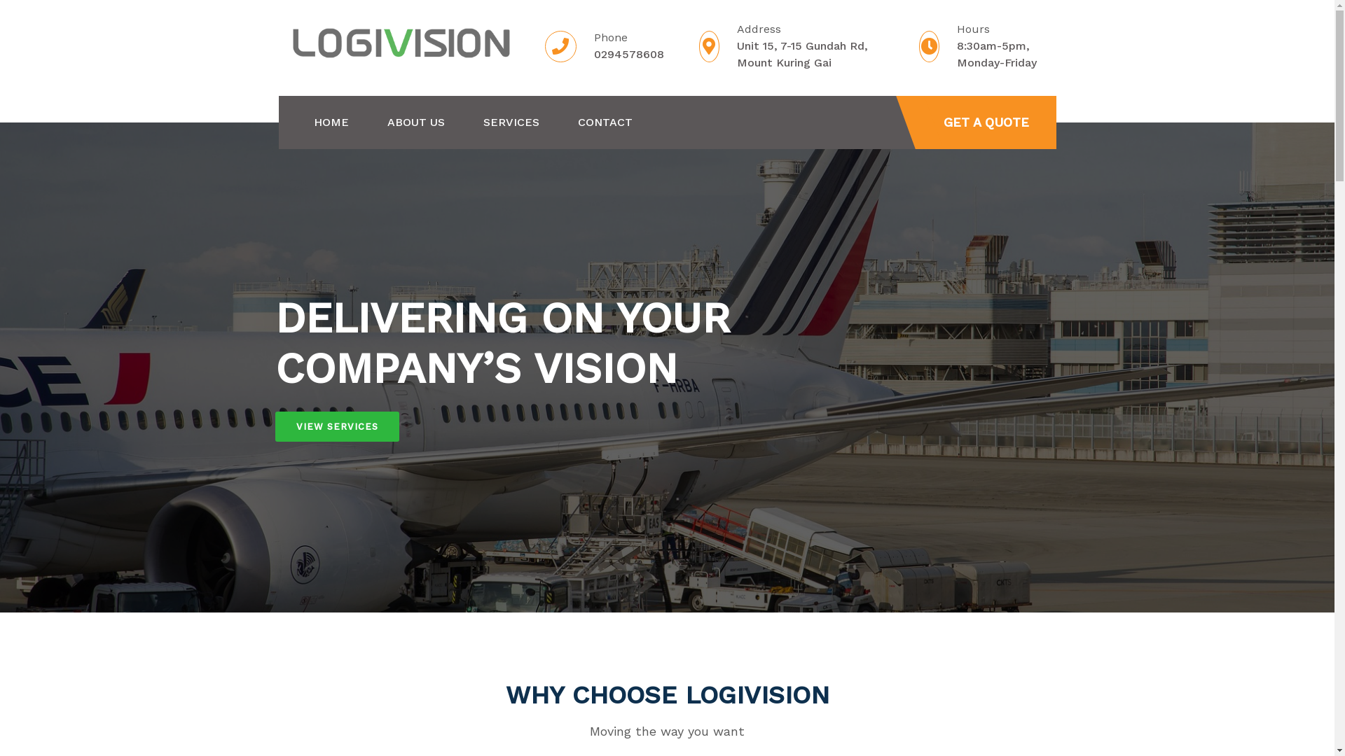 The image size is (1345, 756). What do you see at coordinates (577, 121) in the screenshot?
I see `'CONTACT'` at bounding box center [577, 121].